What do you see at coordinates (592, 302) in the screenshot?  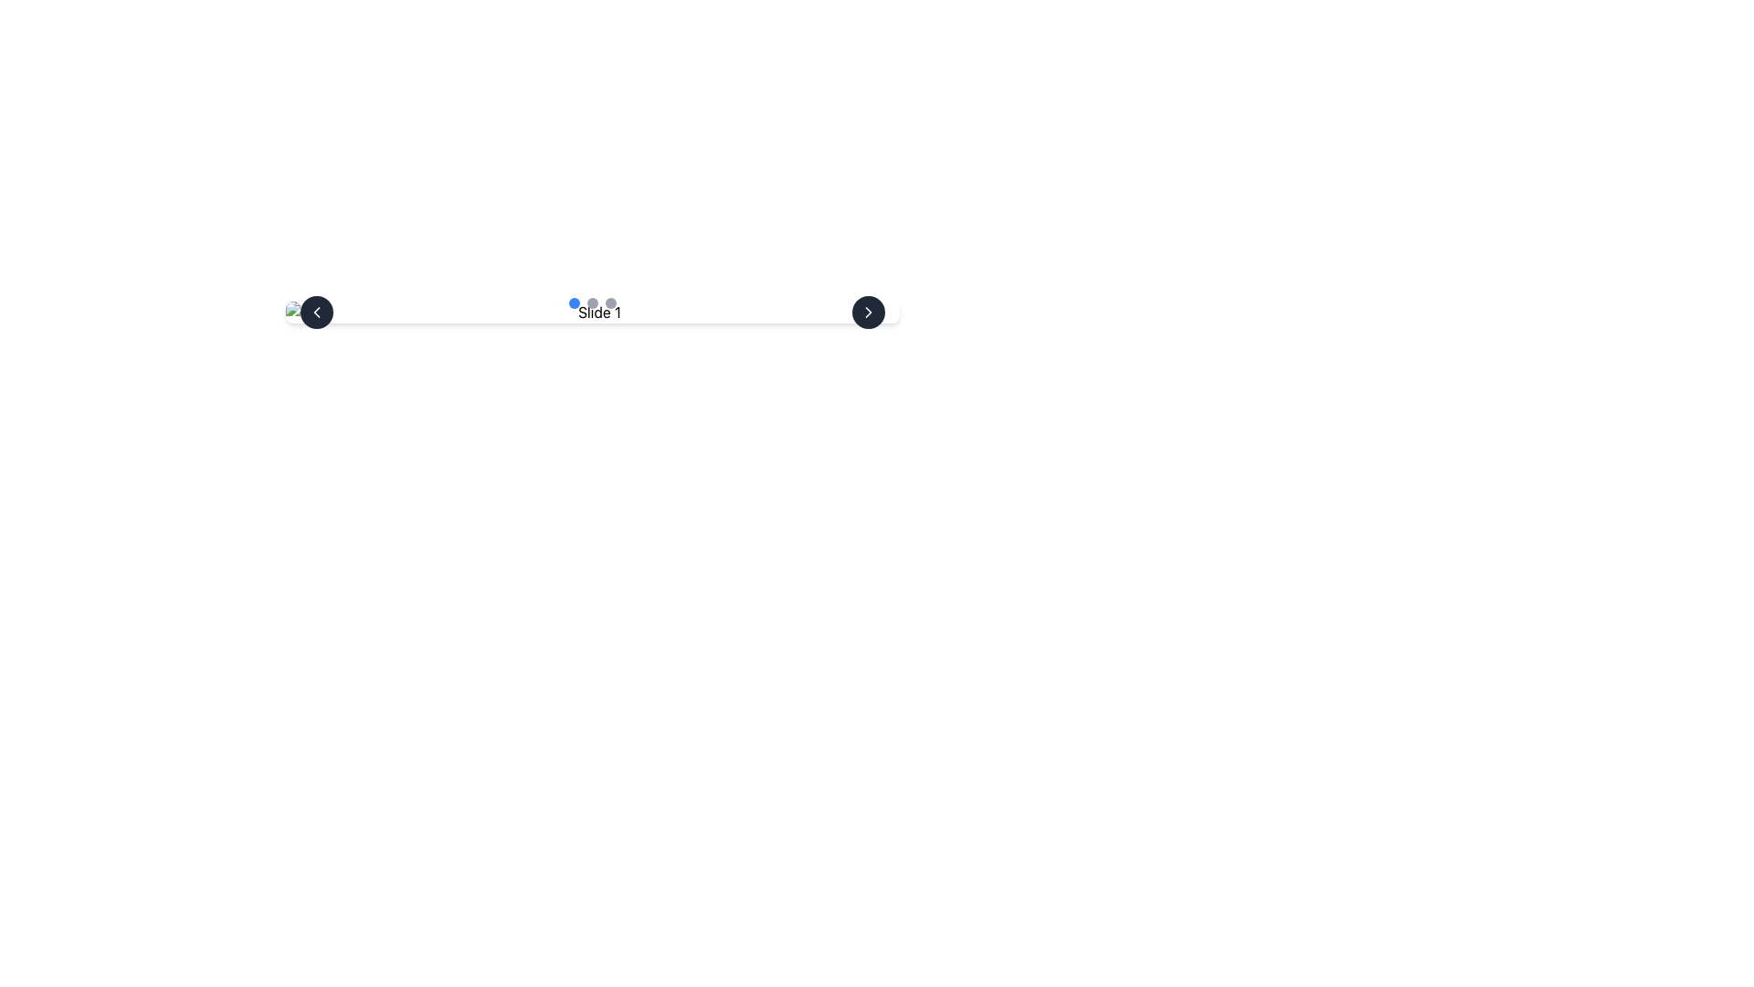 I see `the second gray navigation dot in the horizontal set of three dots at the bottom-center of the interface` at bounding box center [592, 302].